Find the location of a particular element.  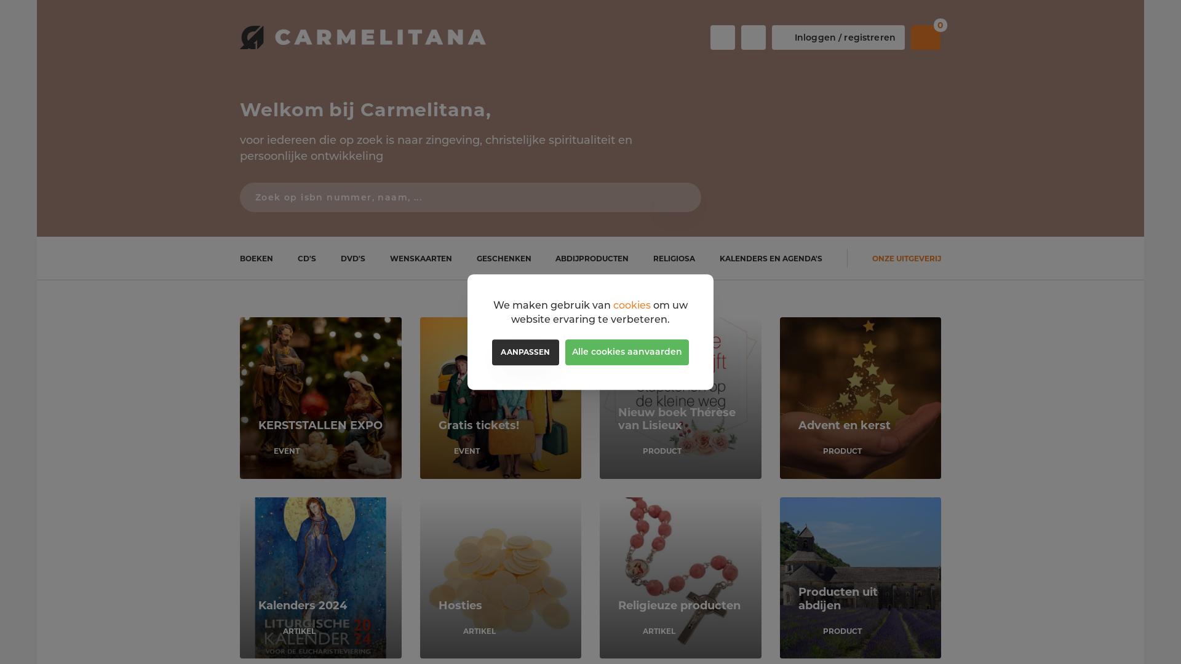

'DVD'S' is located at coordinates (352, 258).